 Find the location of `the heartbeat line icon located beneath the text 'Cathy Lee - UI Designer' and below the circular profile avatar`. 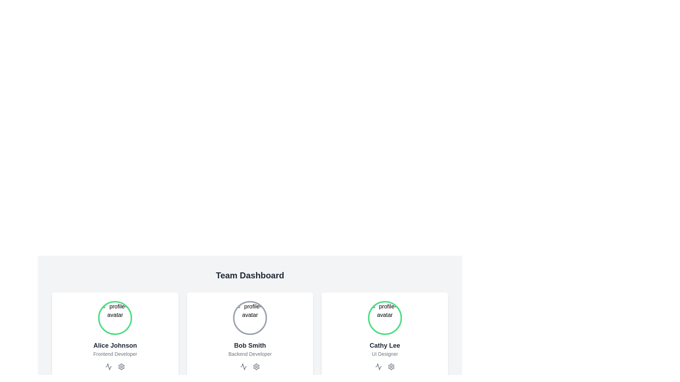

the heartbeat line icon located beneath the text 'Cathy Lee - UI Designer' and below the circular profile avatar is located at coordinates (378, 366).